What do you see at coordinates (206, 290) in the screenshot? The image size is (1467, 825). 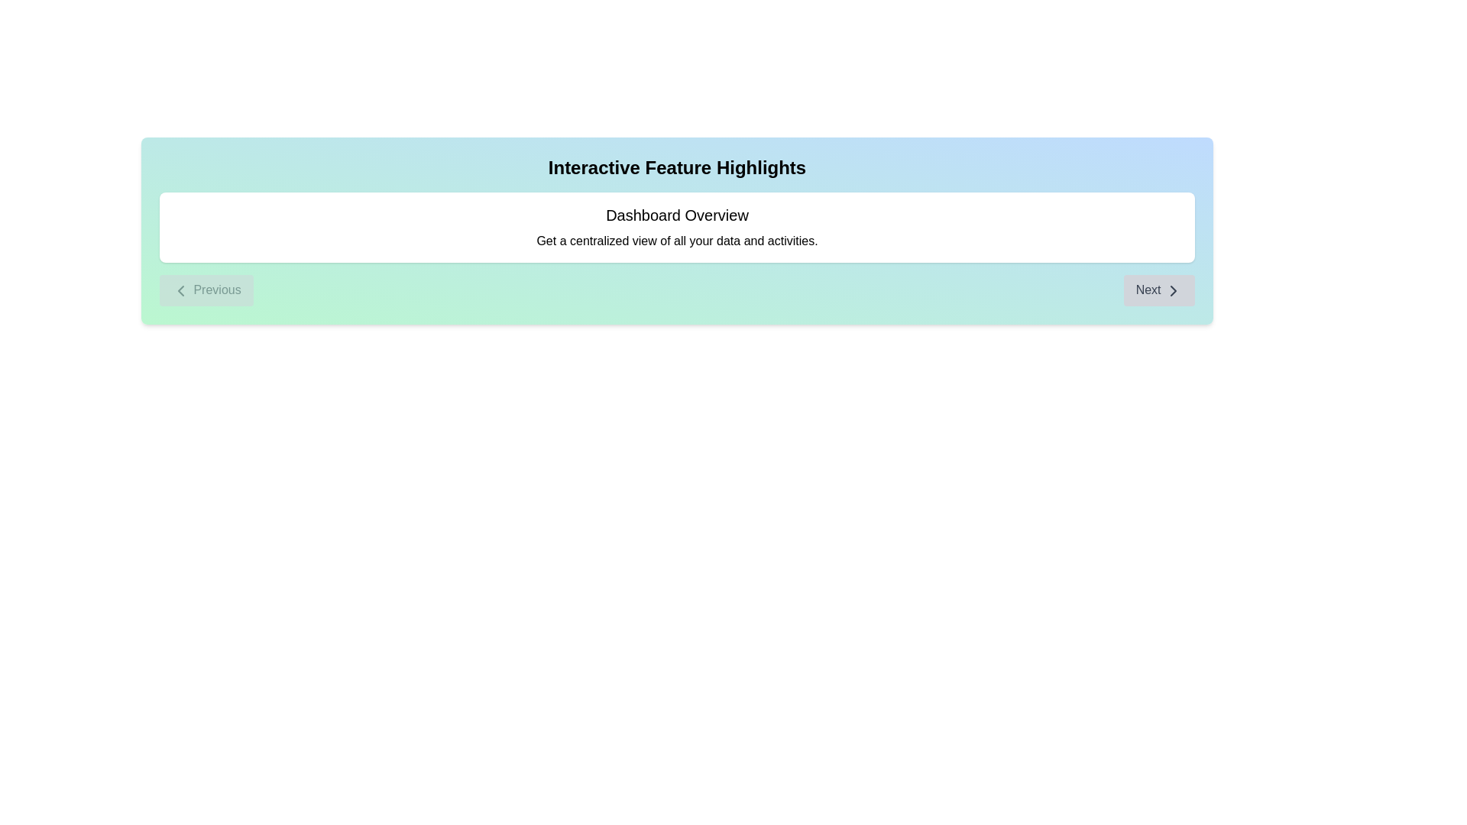 I see `the 'Previous' button with a gray background and left-pointing chevron icon` at bounding box center [206, 290].